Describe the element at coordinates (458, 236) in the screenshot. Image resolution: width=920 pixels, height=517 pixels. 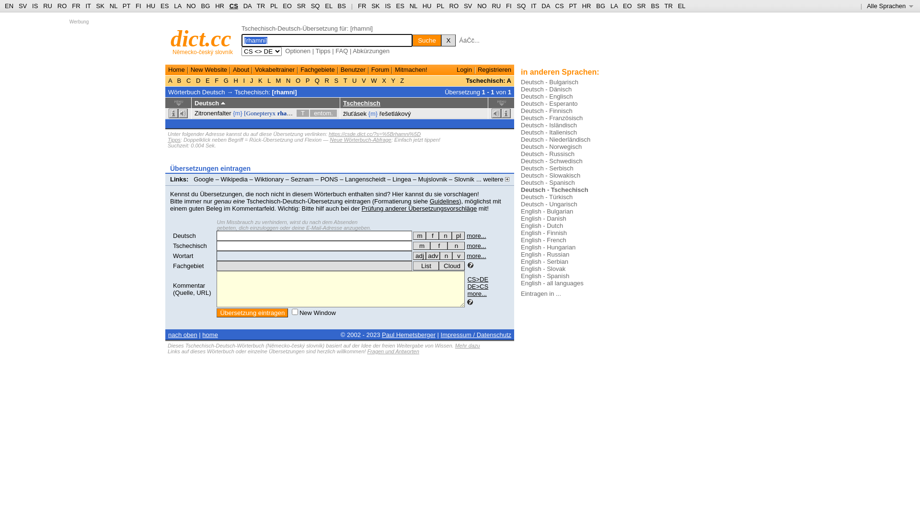
I see `'pl'` at that location.